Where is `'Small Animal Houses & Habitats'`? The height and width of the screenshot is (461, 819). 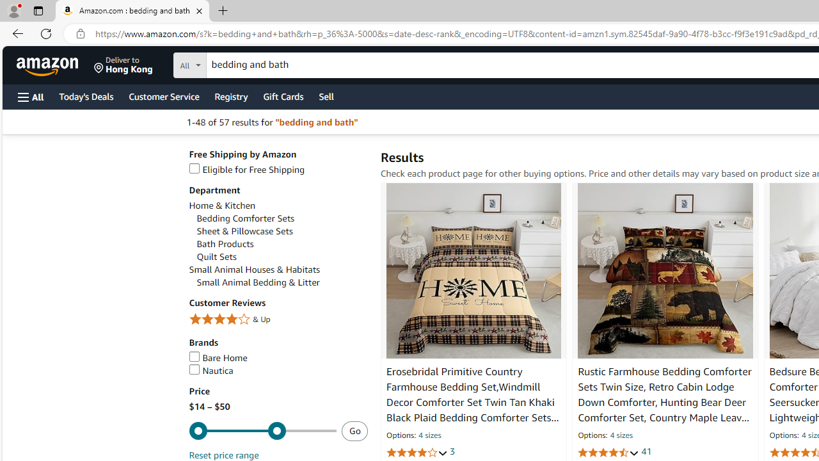 'Small Animal Houses & Habitats' is located at coordinates (277, 269).